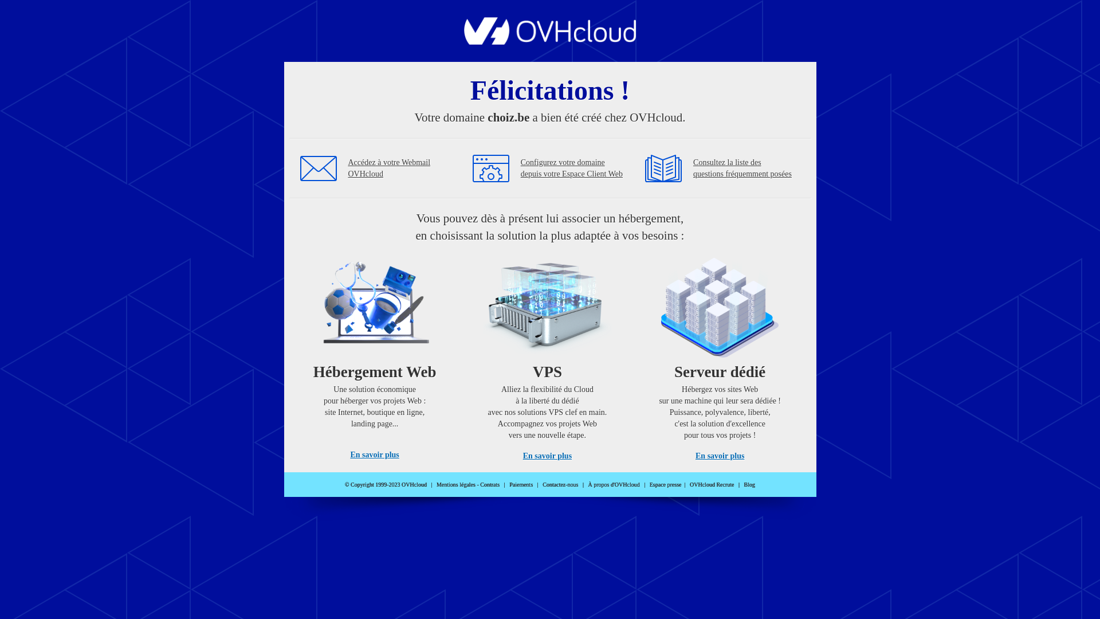 The image size is (1100, 619). What do you see at coordinates (522, 455) in the screenshot?
I see `'En savoir plus'` at bounding box center [522, 455].